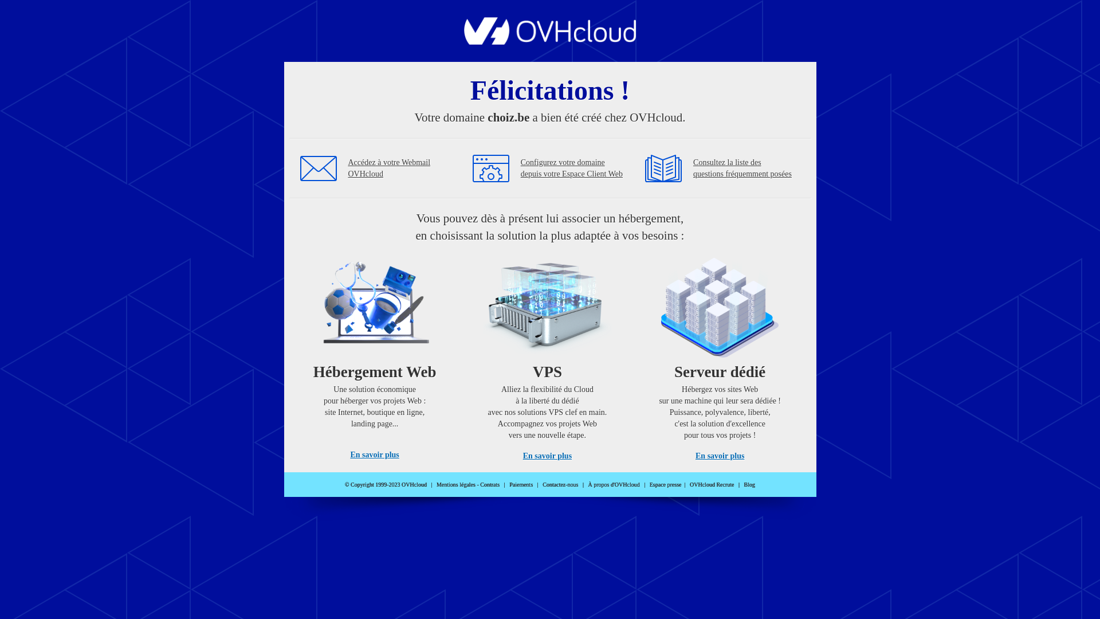 The image size is (1100, 619). What do you see at coordinates (522, 455) in the screenshot?
I see `'En savoir plus'` at bounding box center [522, 455].